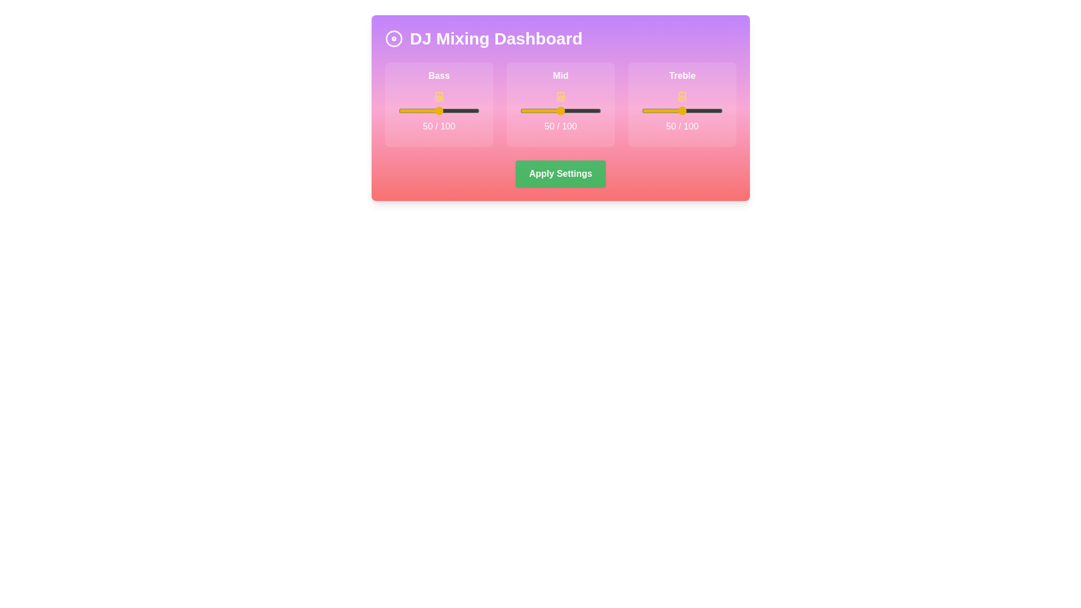 Image resolution: width=1081 pixels, height=608 pixels. What do you see at coordinates (672, 110) in the screenshot?
I see `the treble slider to 38 (0-100)` at bounding box center [672, 110].